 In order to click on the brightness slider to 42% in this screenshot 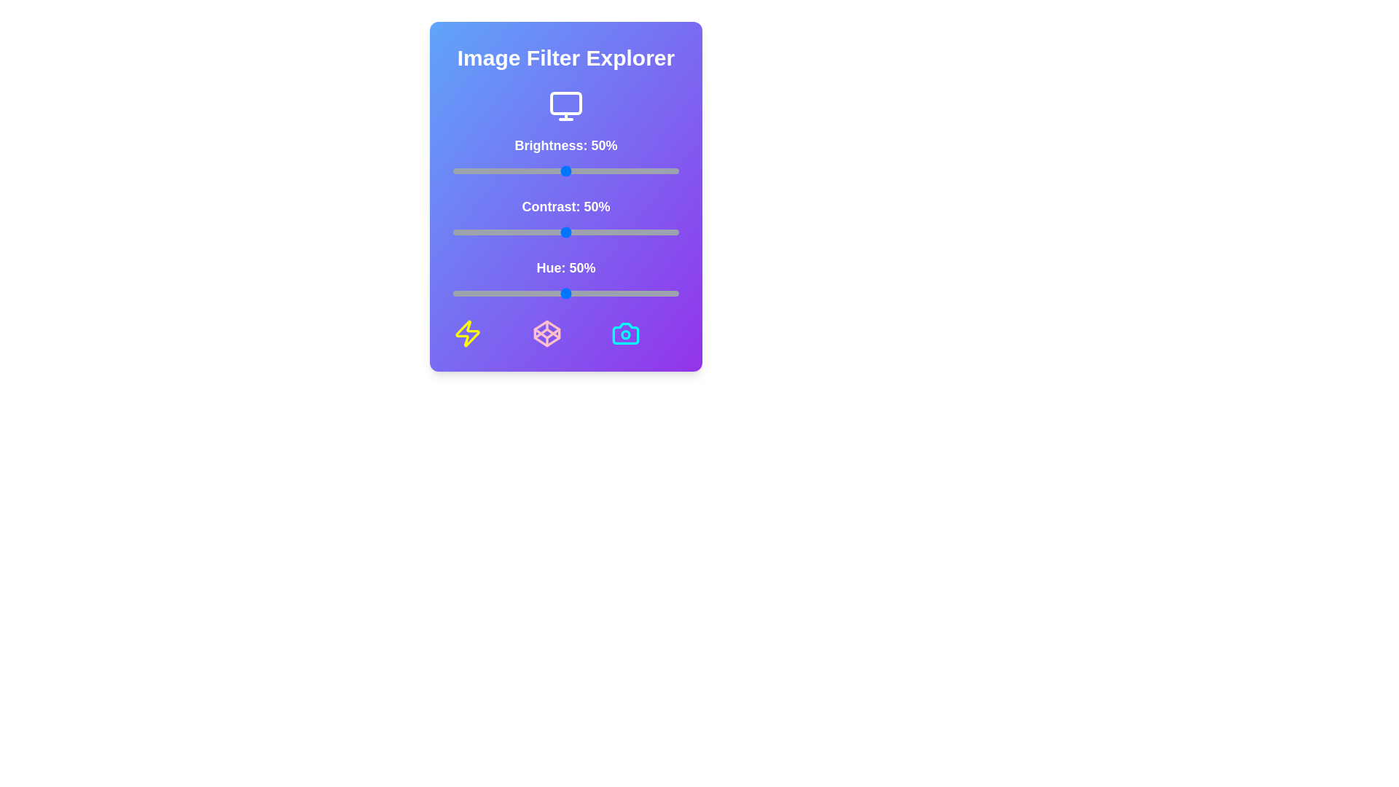, I will do `click(547, 171)`.